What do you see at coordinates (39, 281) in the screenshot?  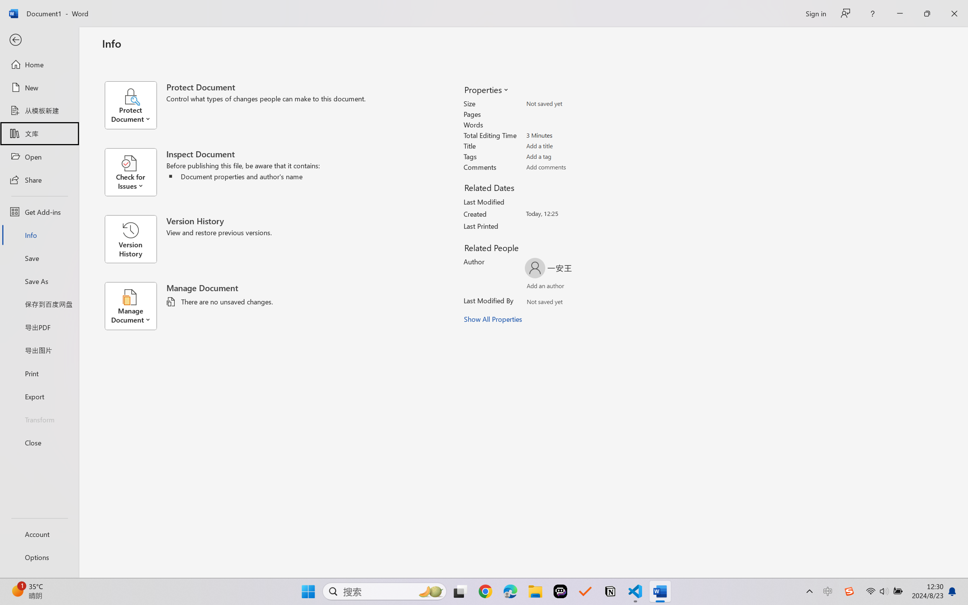 I see `'Save As'` at bounding box center [39, 281].